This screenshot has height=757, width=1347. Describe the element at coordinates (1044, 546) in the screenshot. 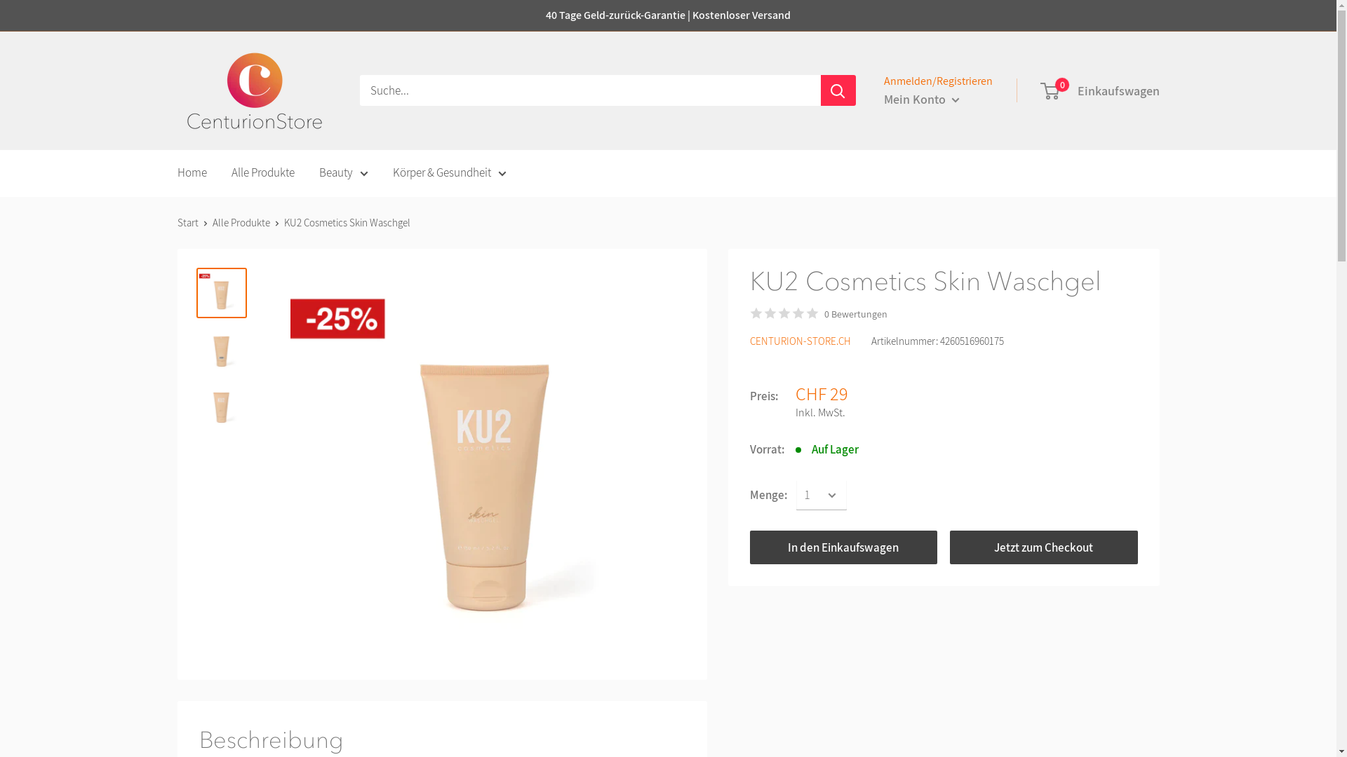

I see `'Jetzt zum Checkout'` at that location.